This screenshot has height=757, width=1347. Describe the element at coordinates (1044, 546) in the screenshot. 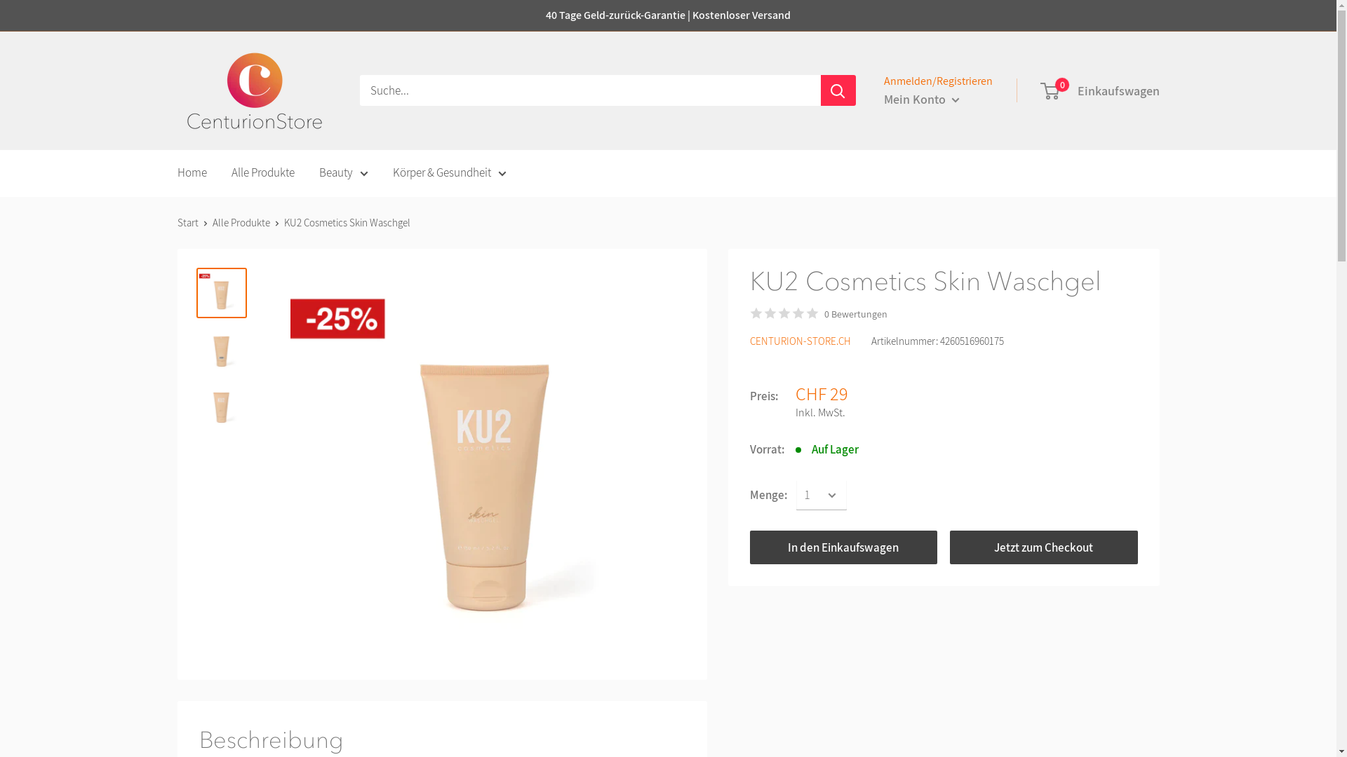

I see `'Jetzt zum Checkout'` at that location.